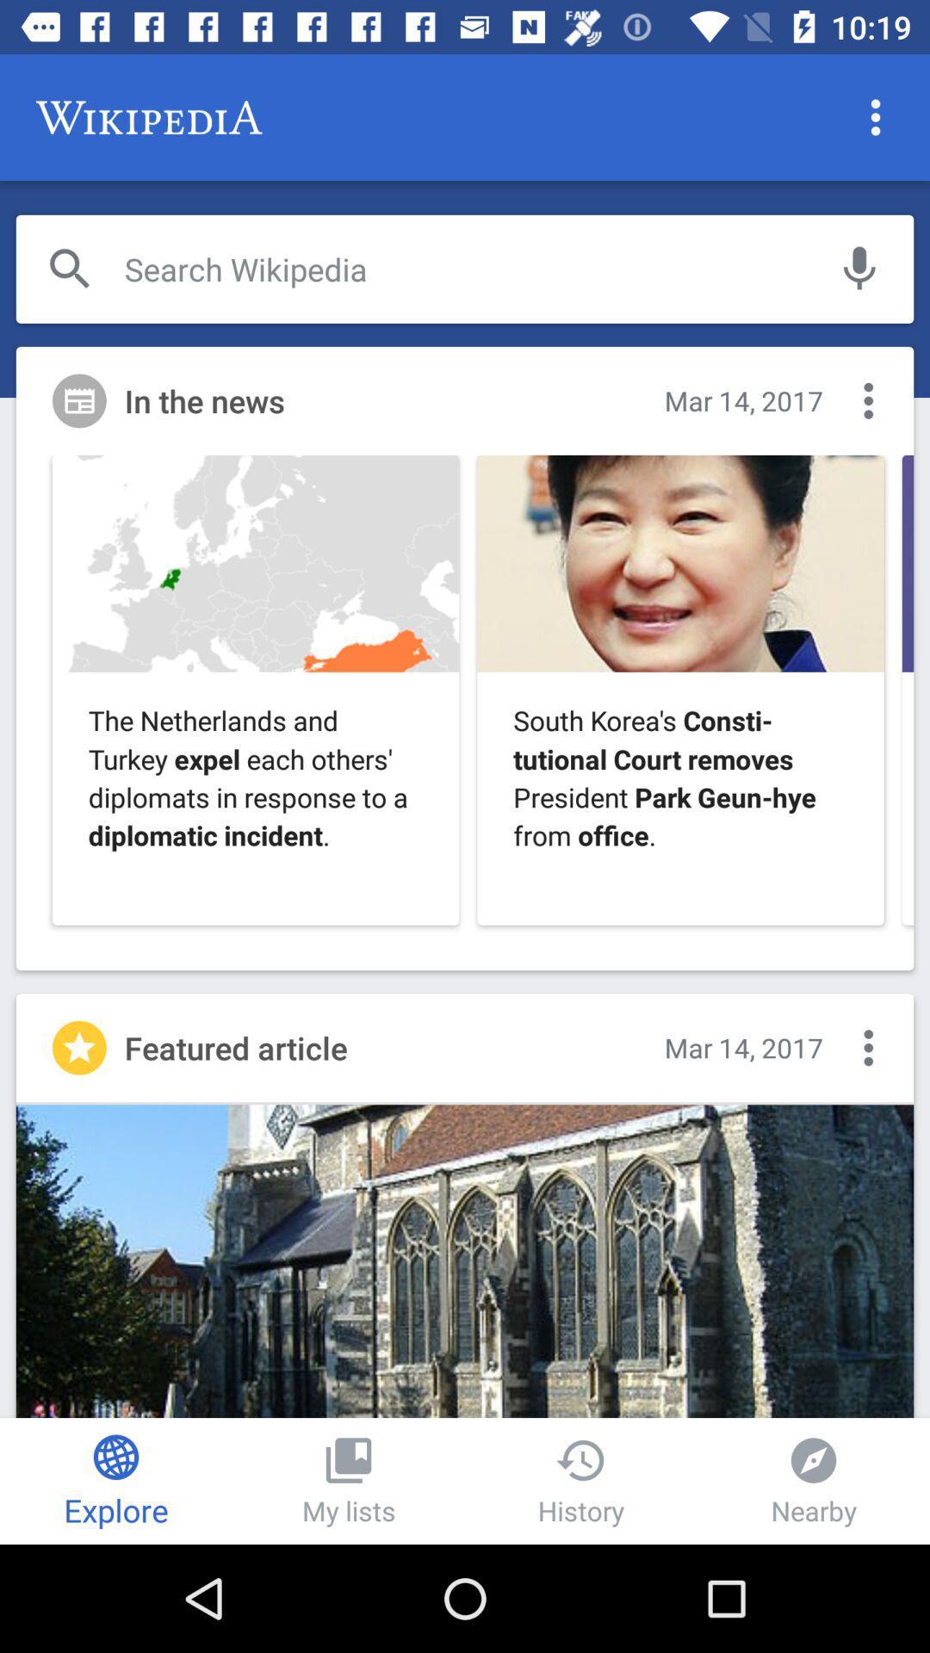 This screenshot has height=1653, width=930. I want to click on search icon which is below wikipedia on the page, so click(69, 268).